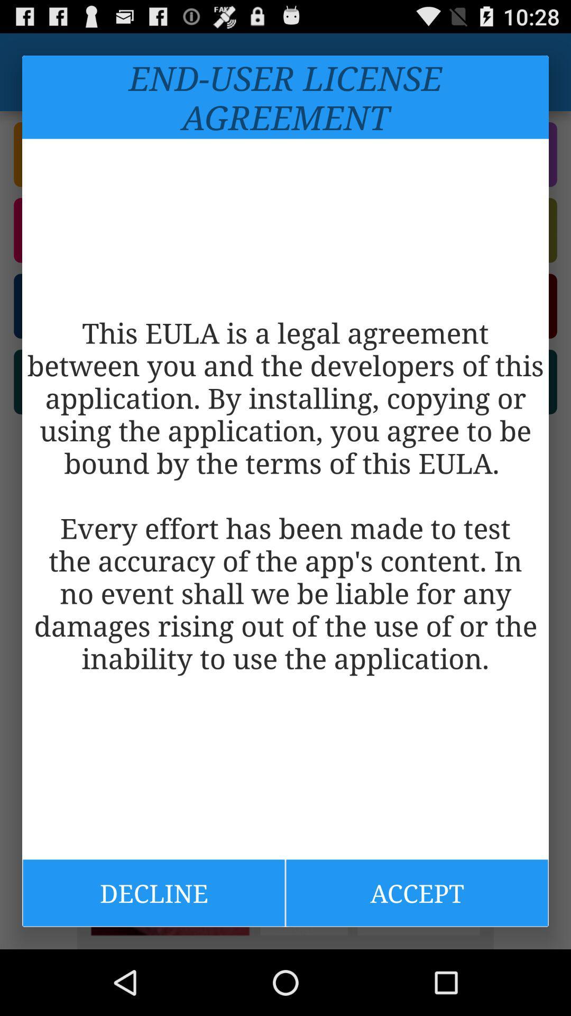 The height and width of the screenshot is (1016, 571). Describe the element at coordinates (417, 892) in the screenshot. I see `the item below the this eula is icon` at that location.